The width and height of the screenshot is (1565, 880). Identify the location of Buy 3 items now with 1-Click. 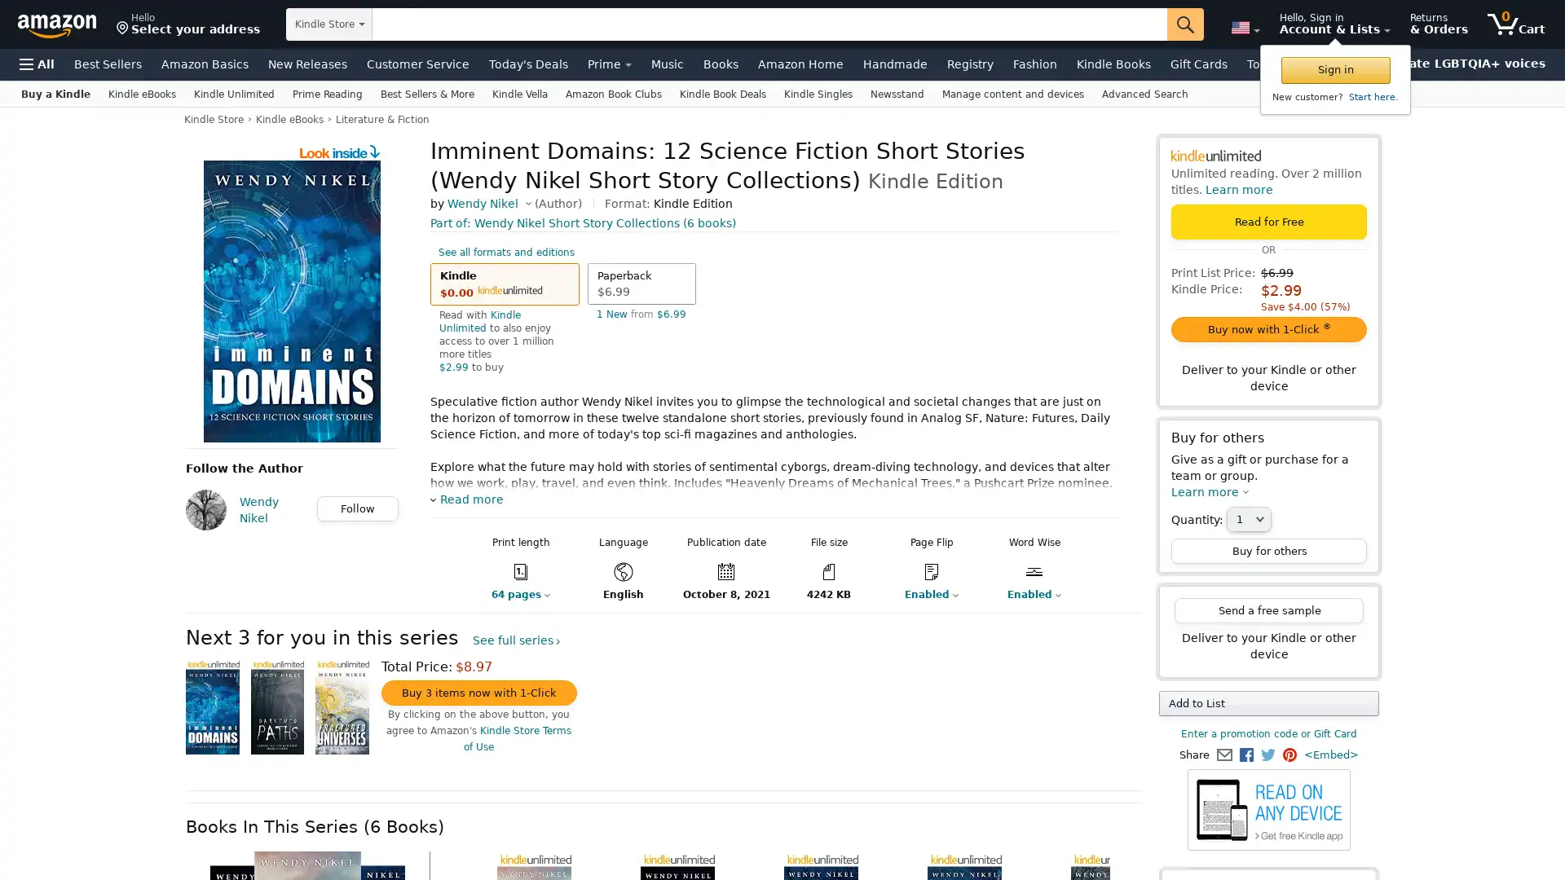
(477, 693).